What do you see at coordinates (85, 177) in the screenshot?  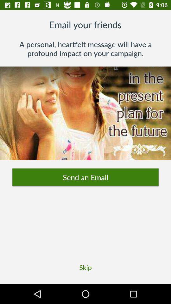 I see `send an email icon` at bounding box center [85, 177].